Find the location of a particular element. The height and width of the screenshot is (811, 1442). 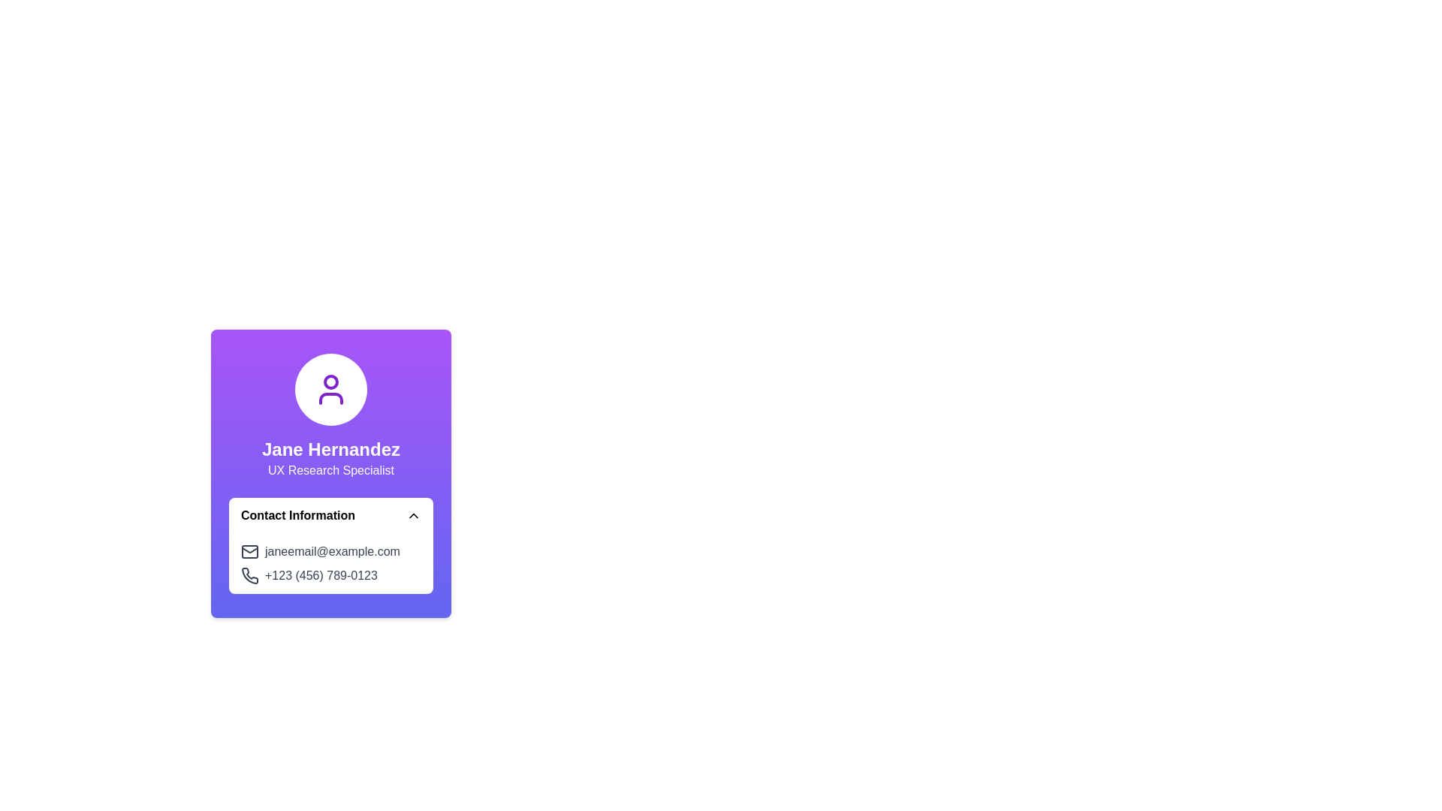

the circular white area containing a purple user icon, which is located at the top center of the card layout, above the text 'Jane Hernandez UX Research Specialist' is located at coordinates (330, 389).